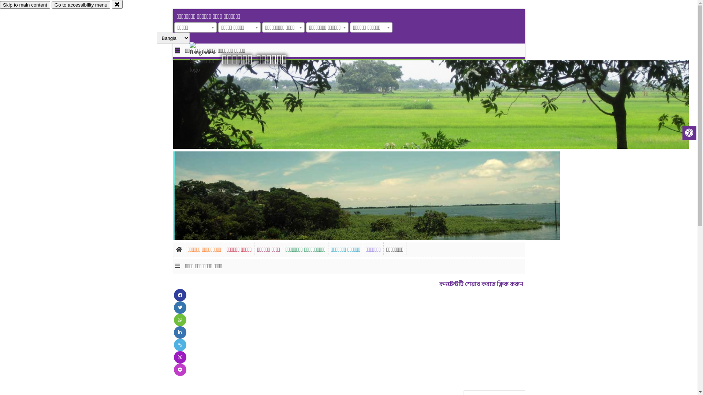 The width and height of the screenshot is (703, 395). Describe the element at coordinates (51, 5) in the screenshot. I see `'Go to accessibility menu'` at that location.